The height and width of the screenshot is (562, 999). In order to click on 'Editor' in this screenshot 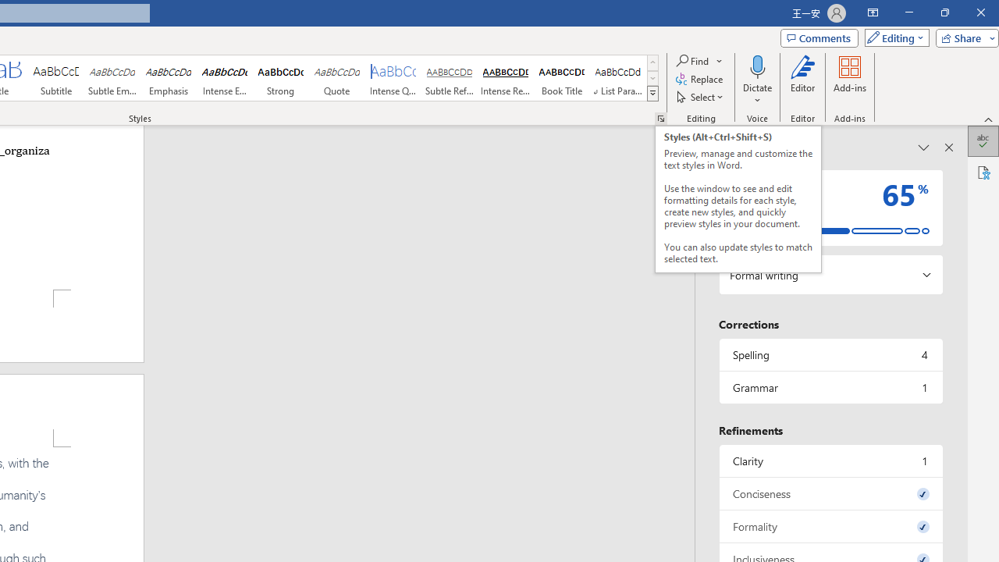, I will do `click(803, 80)`.